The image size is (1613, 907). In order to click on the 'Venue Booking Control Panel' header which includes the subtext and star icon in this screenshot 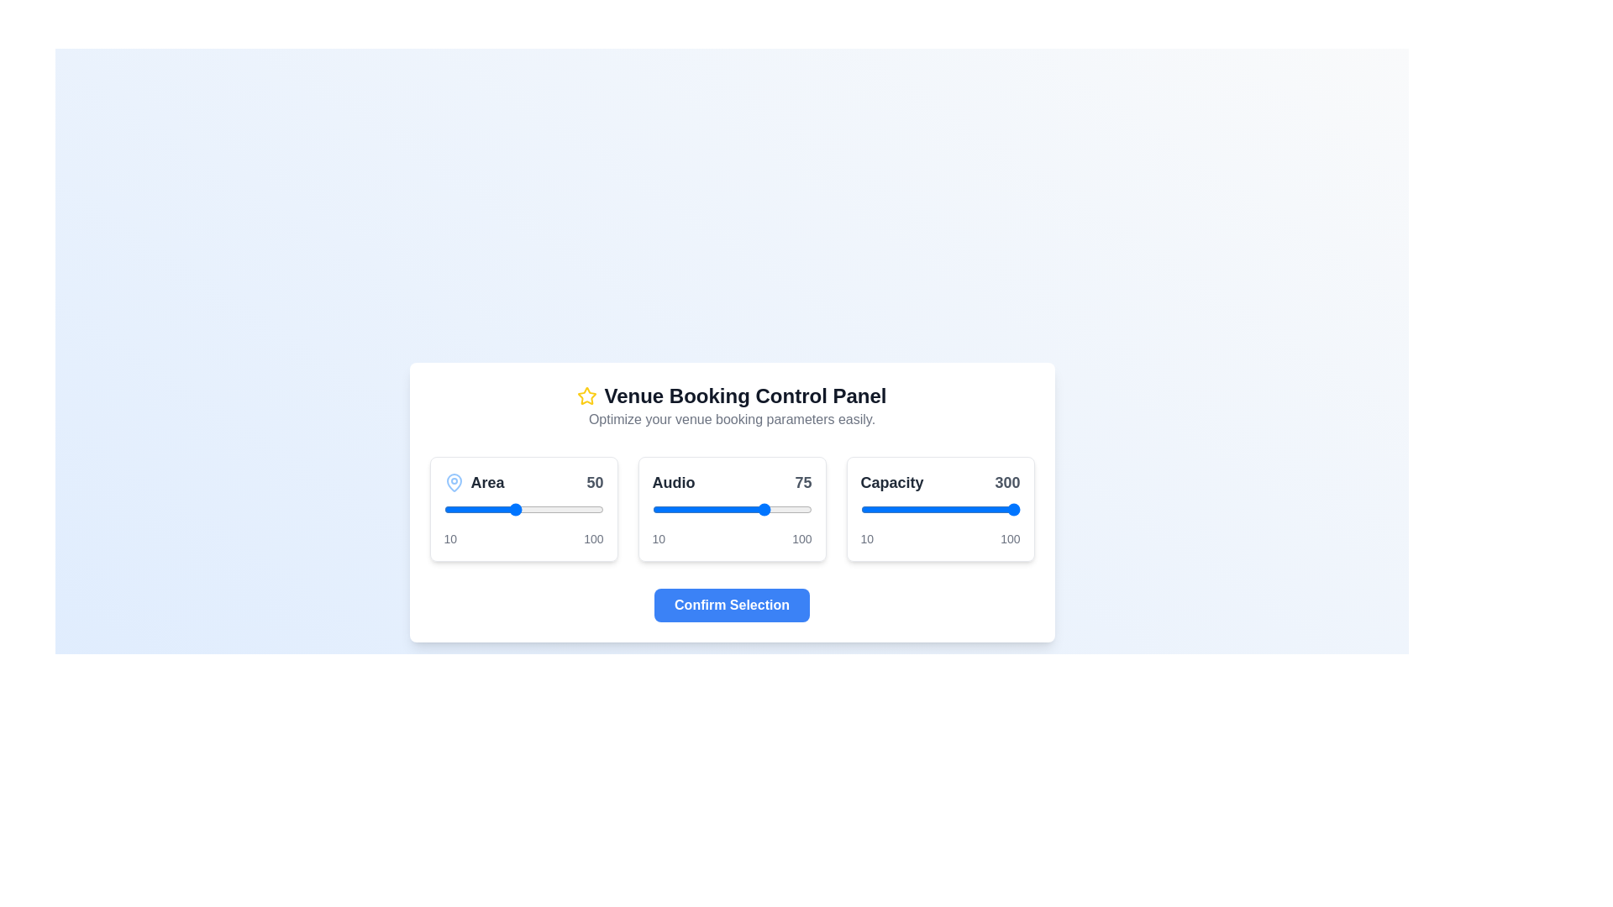, I will do `click(732, 406)`.